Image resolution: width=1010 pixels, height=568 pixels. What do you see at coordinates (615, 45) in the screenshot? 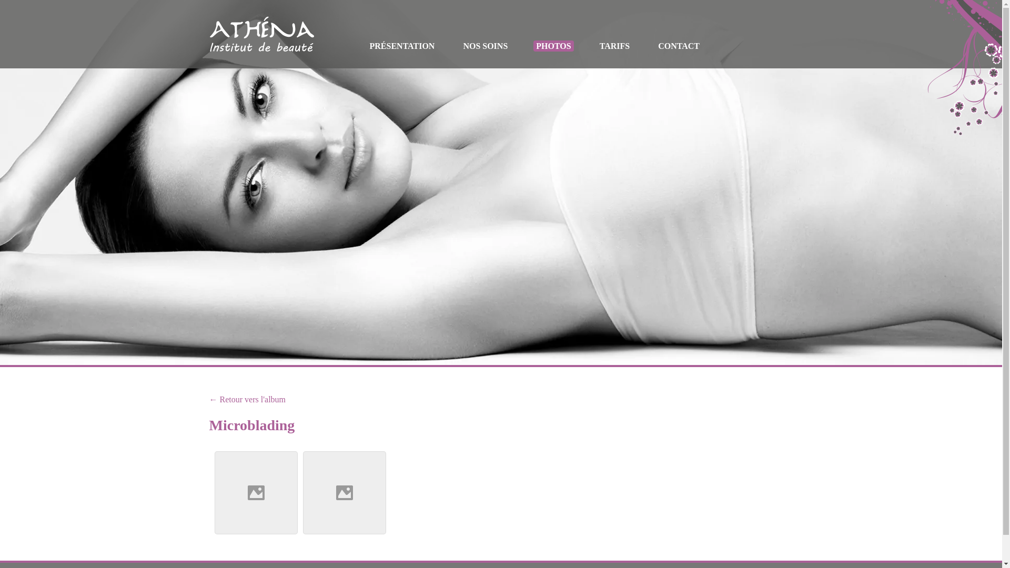
I see `'TARIFS'` at bounding box center [615, 45].